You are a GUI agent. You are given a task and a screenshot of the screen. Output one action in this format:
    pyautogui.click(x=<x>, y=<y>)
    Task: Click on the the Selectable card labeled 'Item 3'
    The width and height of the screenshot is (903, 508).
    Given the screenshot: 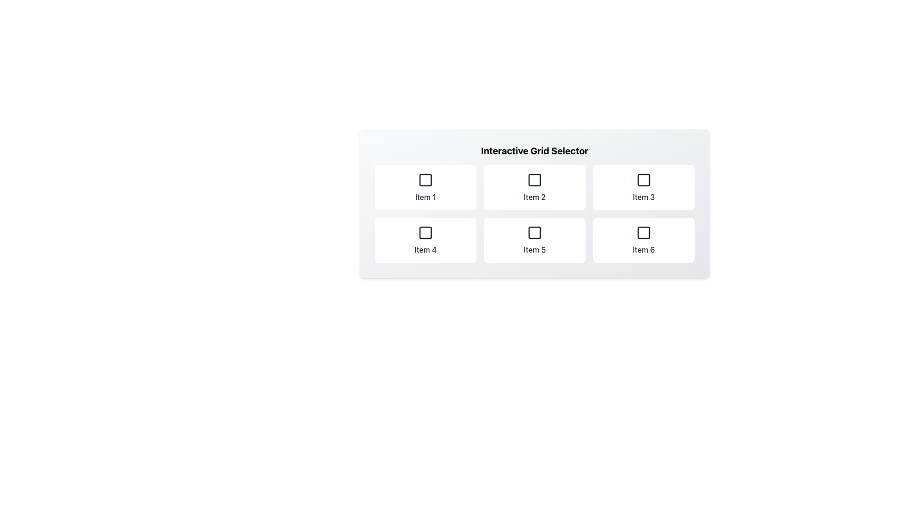 What is the action you would take?
    pyautogui.click(x=643, y=187)
    